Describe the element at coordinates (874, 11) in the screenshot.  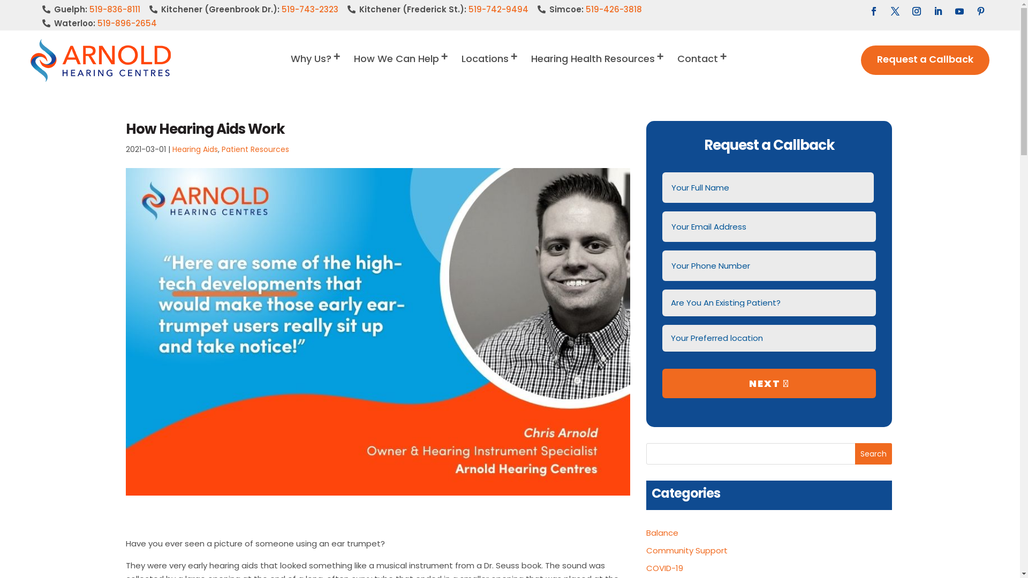
I see `'Follow on Facebook'` at that location.